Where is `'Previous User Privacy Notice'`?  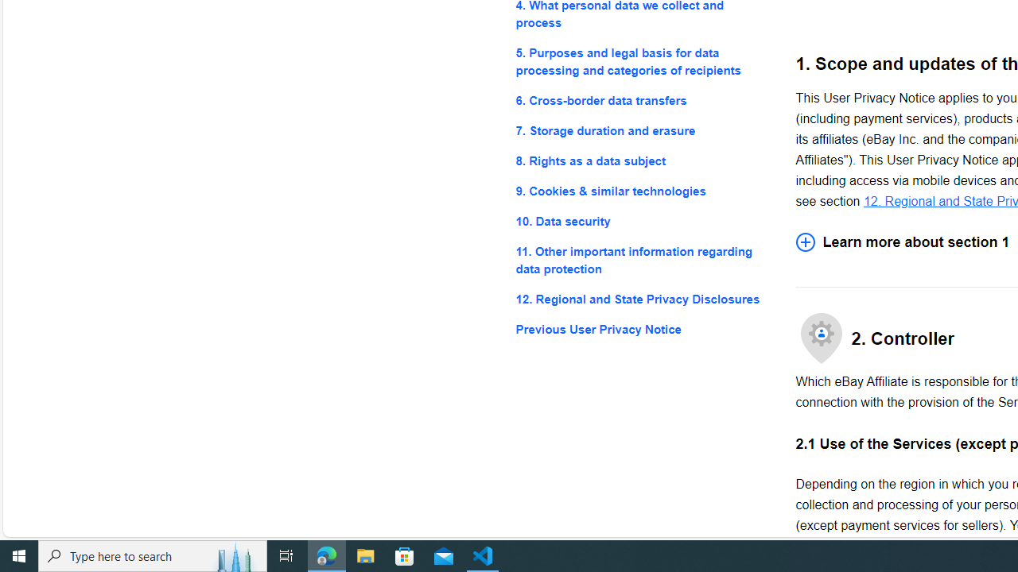 'Previous User Privacy Notice' is located at coordinates (643, 329).